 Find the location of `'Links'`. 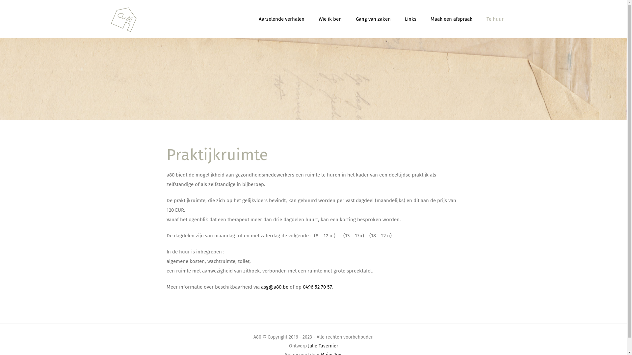

'Links' is located at coordinates (410, 18).